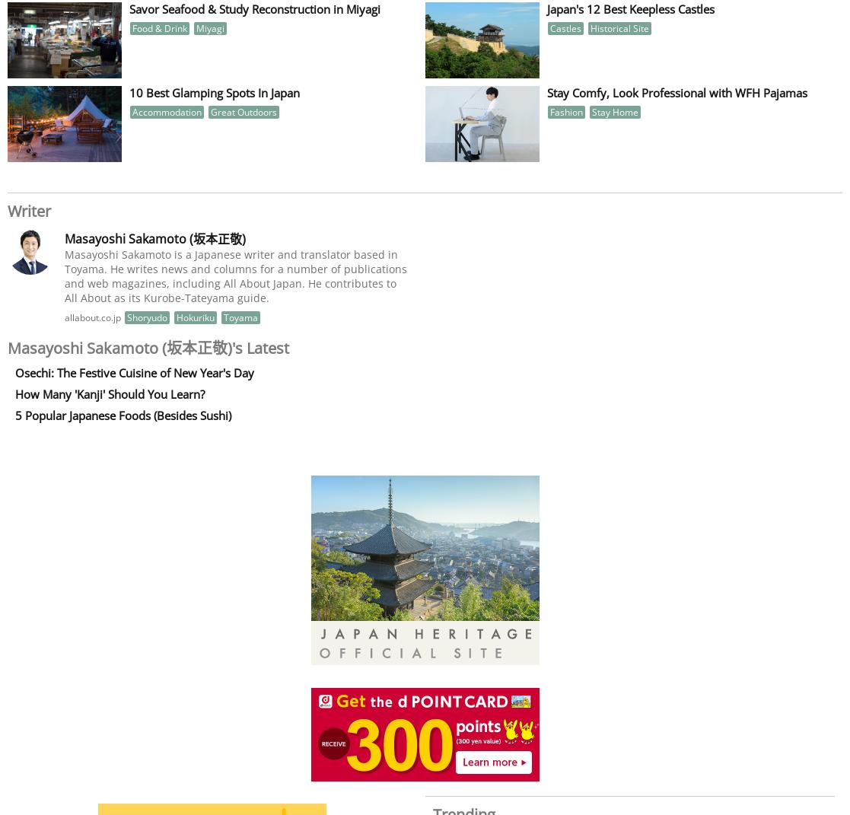 The height and width of the screenshot is (815, 850). I want to click on 'How Many 'Kanji' Should You Learn?', so click(110, 392).